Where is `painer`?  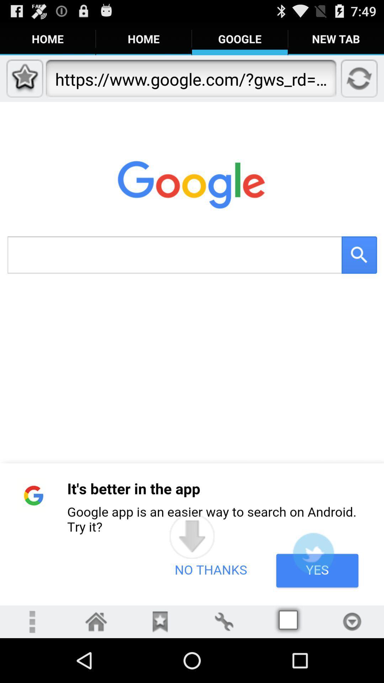
painer is located at coordinates (223, 621).